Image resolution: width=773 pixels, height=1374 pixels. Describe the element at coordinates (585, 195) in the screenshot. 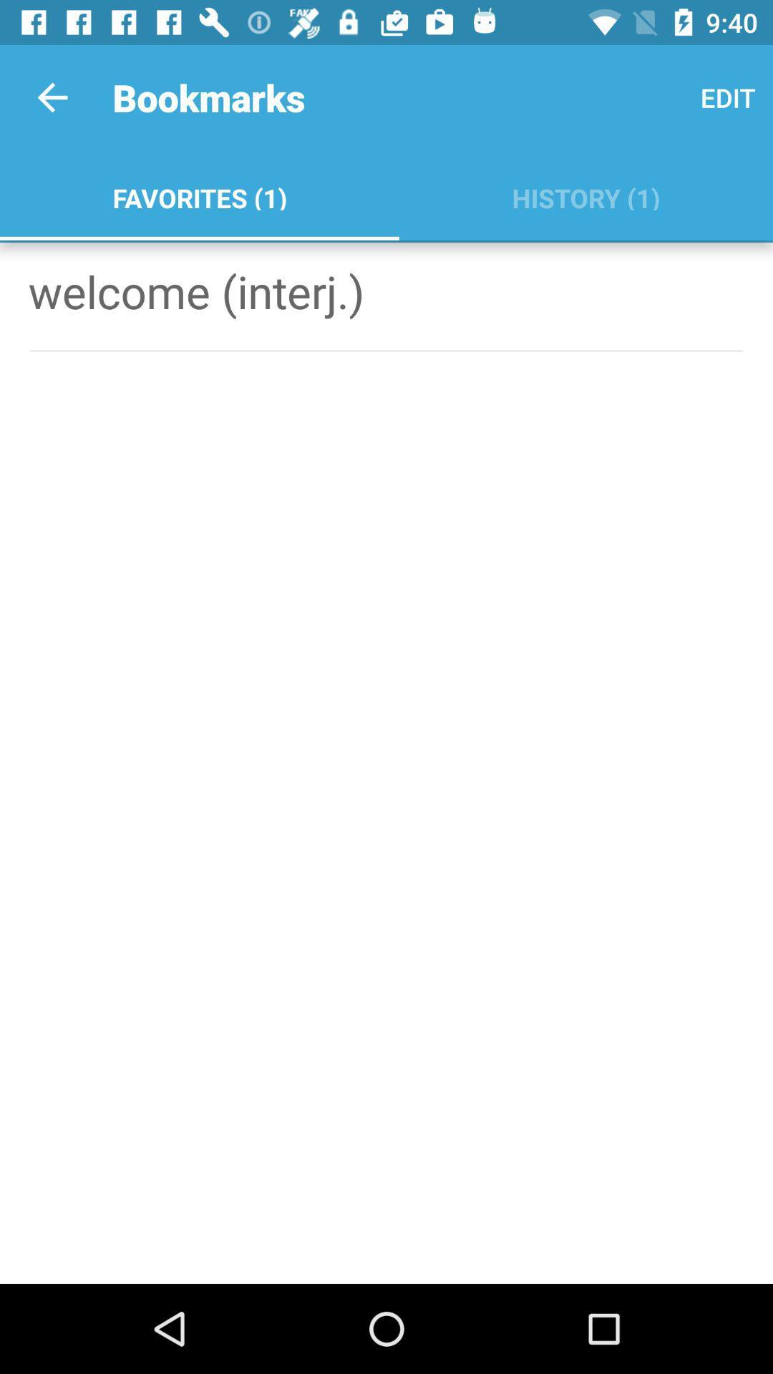

I see `the icon below the edit icon` at that location.